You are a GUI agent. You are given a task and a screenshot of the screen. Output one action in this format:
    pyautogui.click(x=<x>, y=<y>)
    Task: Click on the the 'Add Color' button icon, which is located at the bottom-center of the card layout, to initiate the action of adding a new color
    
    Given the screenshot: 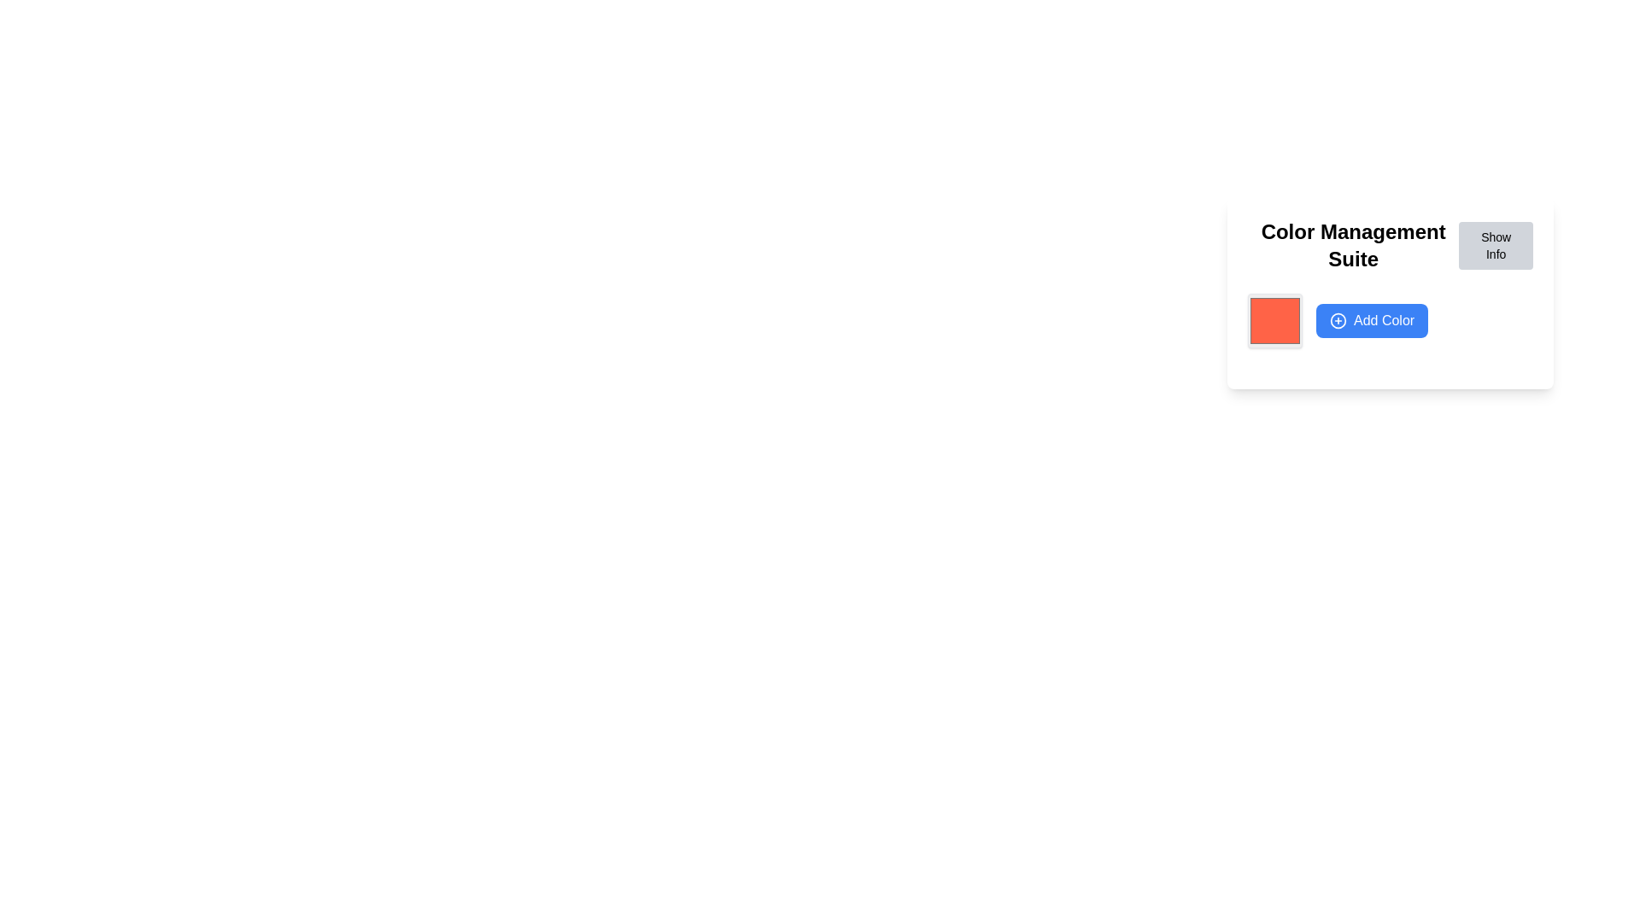 What is the action you would take?
    pyautogui.click(x=1337, y=320)
    